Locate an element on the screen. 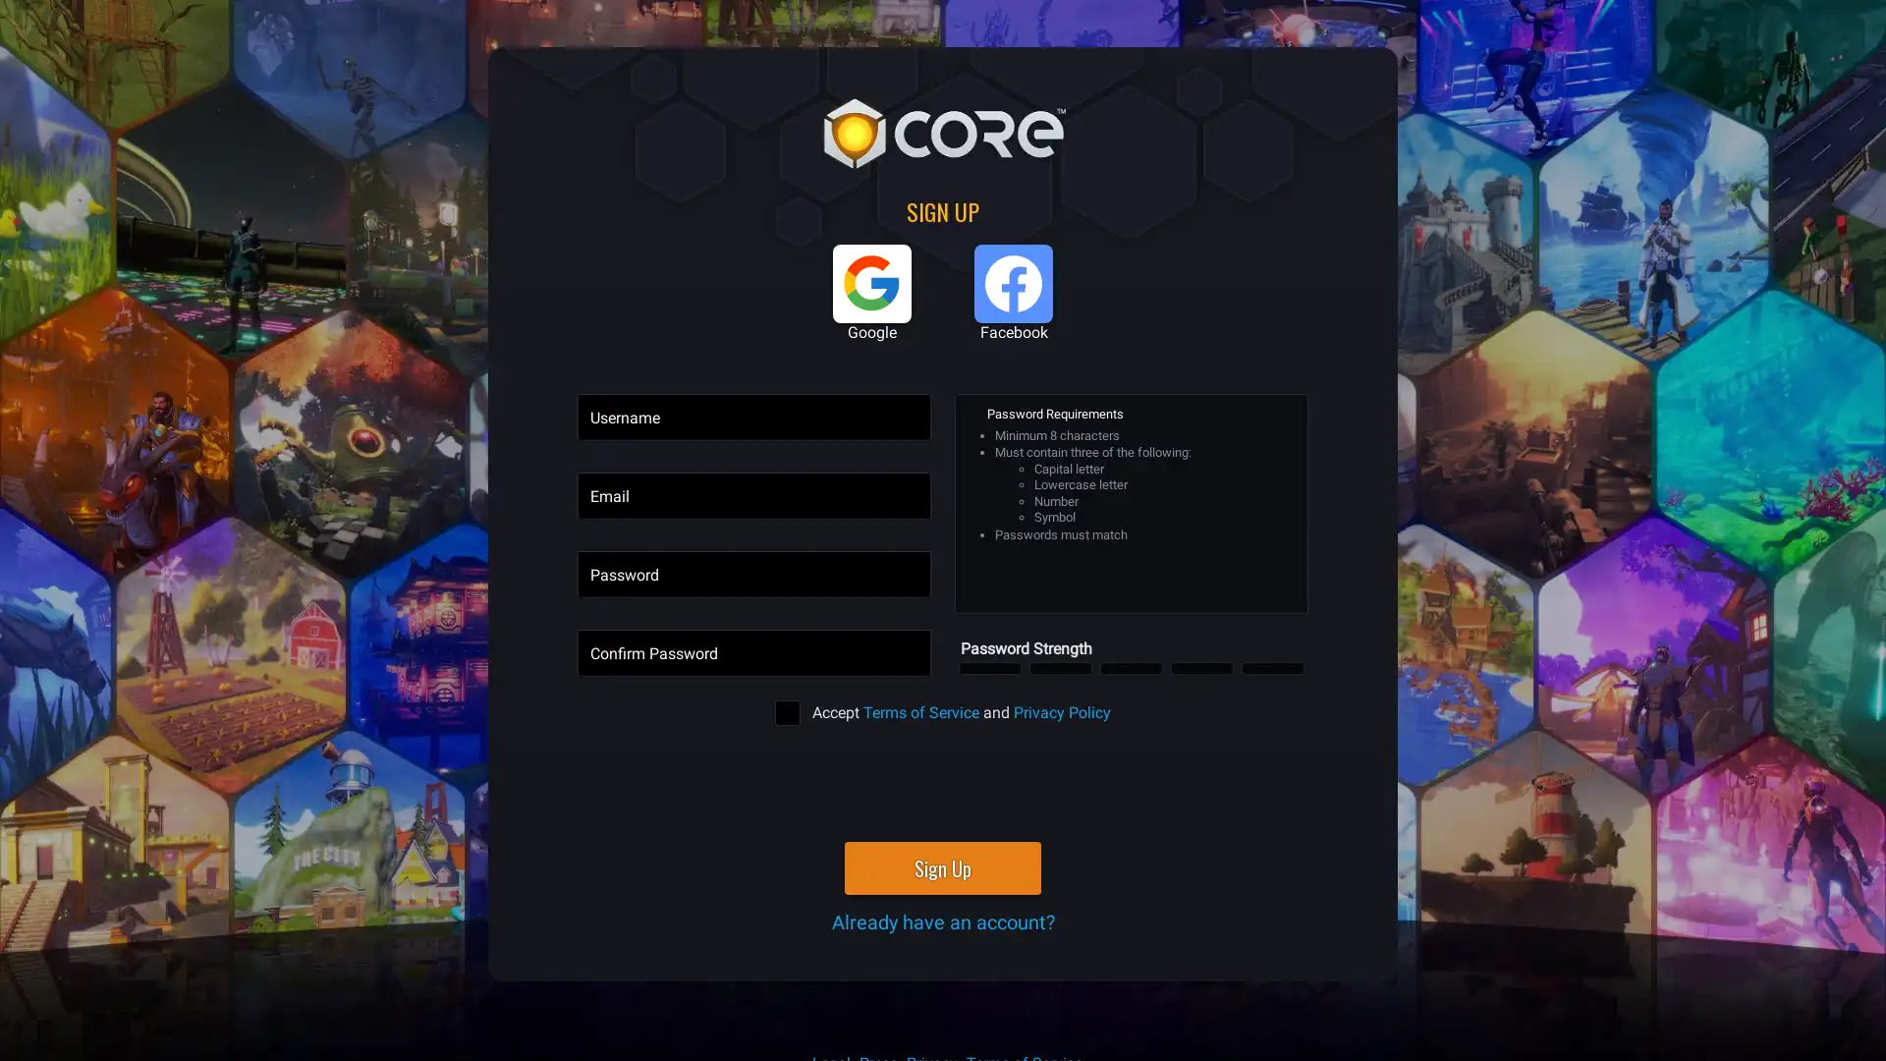  Sign Up is located at coordinates (943, 866).